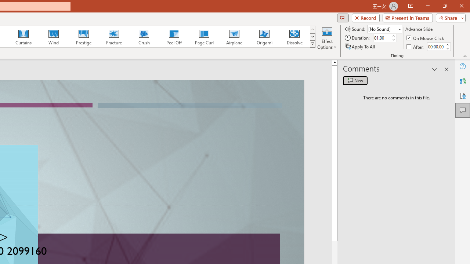 The width and height of the screenshot is (470, 264). I want to click on 'Effect Options', so click(326, 38).